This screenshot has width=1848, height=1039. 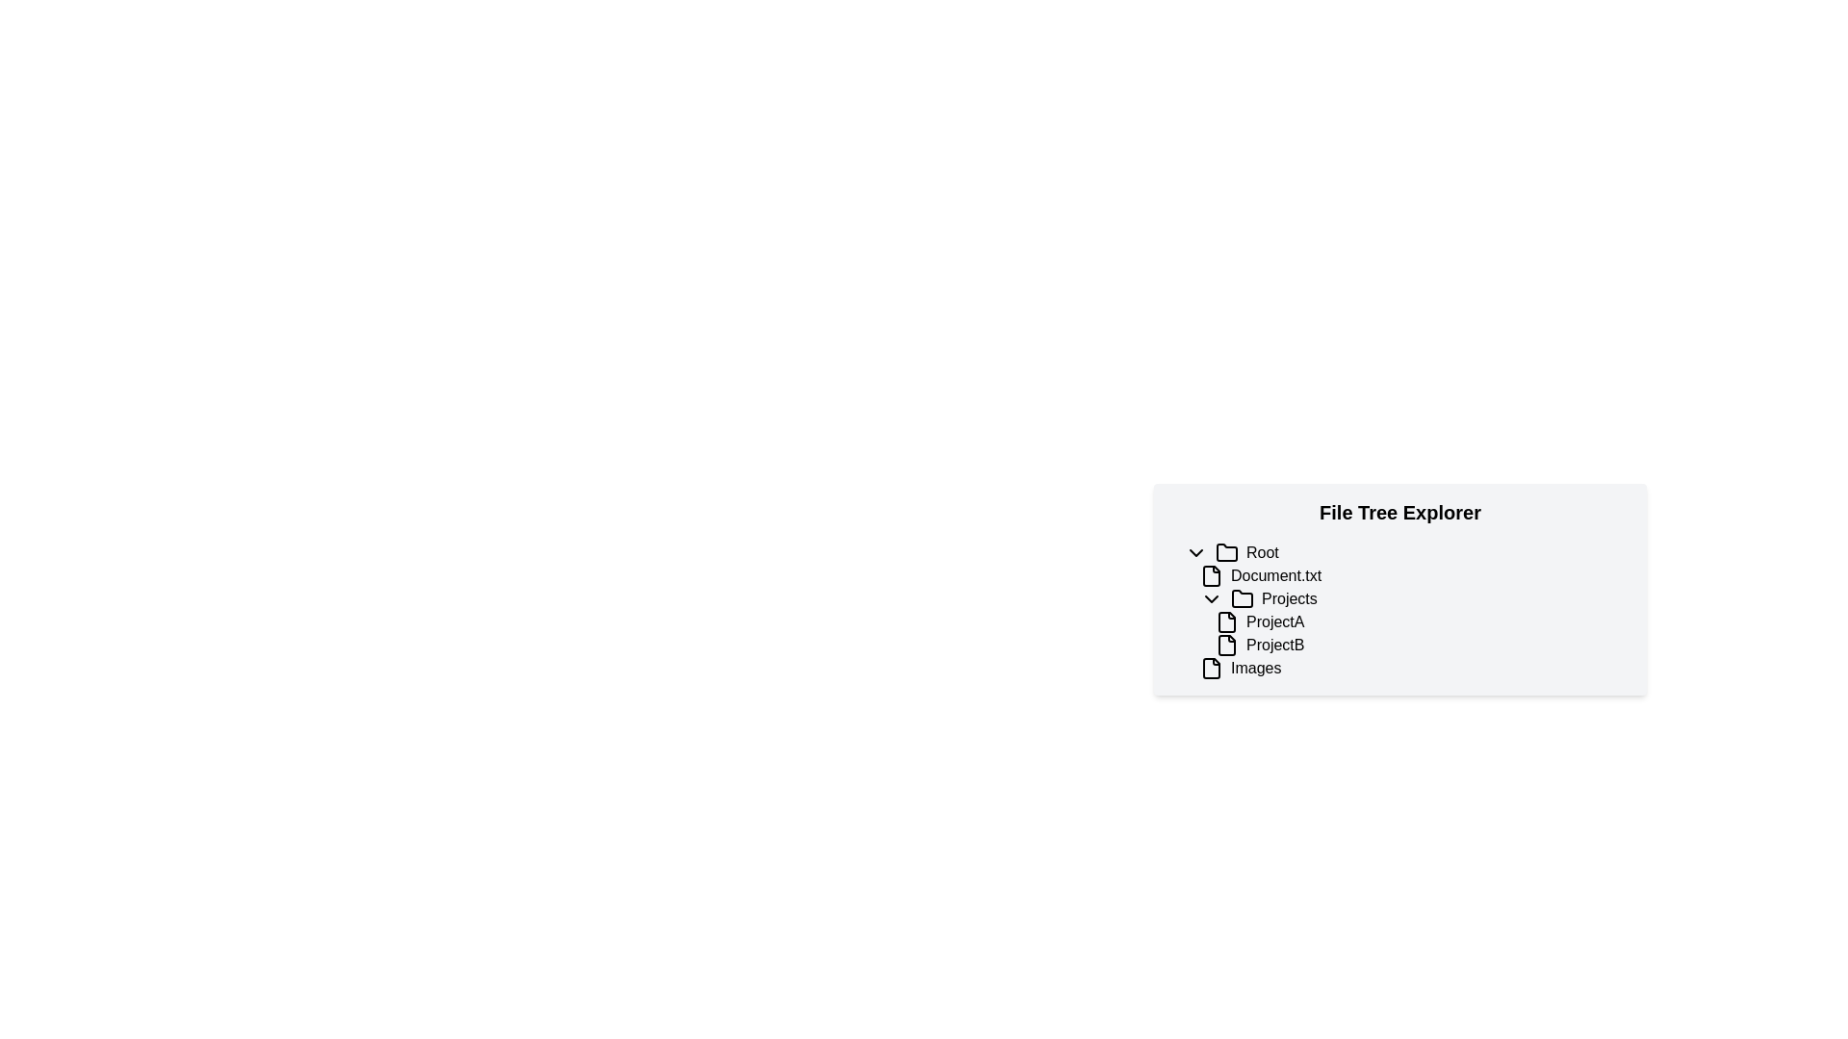 I want to click on the Dropdown Chevron Icon located to the left of the 'Projects' text, so click(x=1210, y=598).